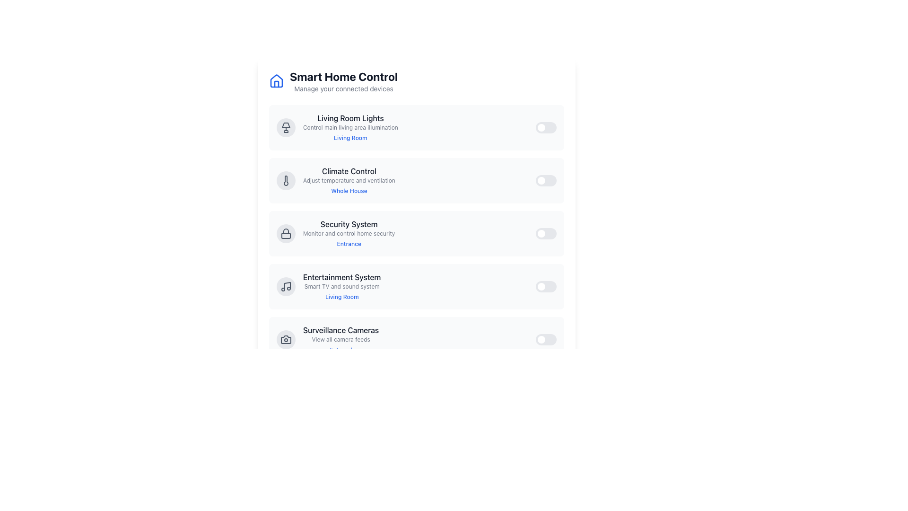 The width and height of the screenshot is (908, 511). What do you see at coordinates (337, 128) in the screenshot?
I see `the link within the informative card about the living room lights, which is the first entry in the Smart Home Control list` at bounding box center [337, 128].